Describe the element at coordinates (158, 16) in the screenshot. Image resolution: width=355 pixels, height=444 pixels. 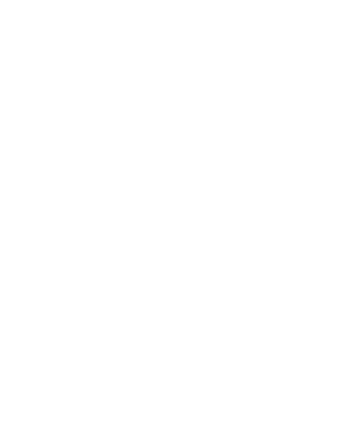
I see `''Sound Reinforcement for Audio Engineers' is a deep dive into the workings of current state-of-the-art sound reinforcement systems.'` at that location.